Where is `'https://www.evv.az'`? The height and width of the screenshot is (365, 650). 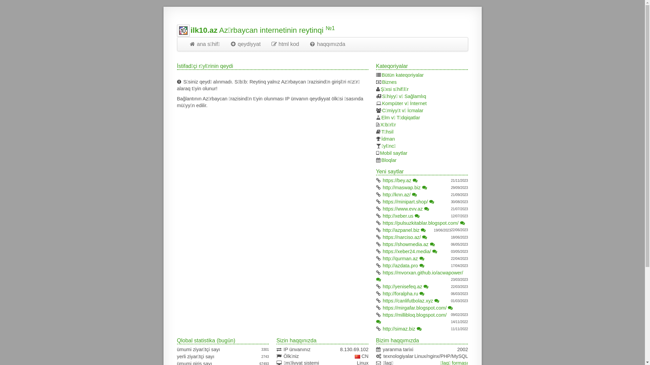 'https://www.evv.az' is located at coordinates (403, 208).